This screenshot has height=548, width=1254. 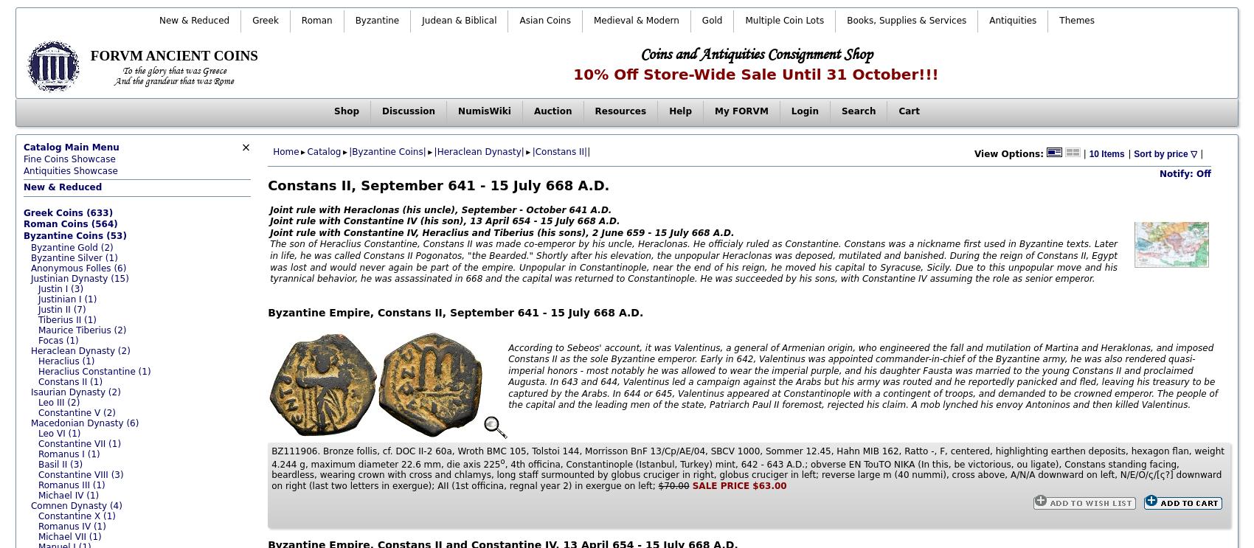 I want to click on 'Joint rule with Heraclonas (his uncle), September - October 641 A.D.', so click(x=440, y=208).